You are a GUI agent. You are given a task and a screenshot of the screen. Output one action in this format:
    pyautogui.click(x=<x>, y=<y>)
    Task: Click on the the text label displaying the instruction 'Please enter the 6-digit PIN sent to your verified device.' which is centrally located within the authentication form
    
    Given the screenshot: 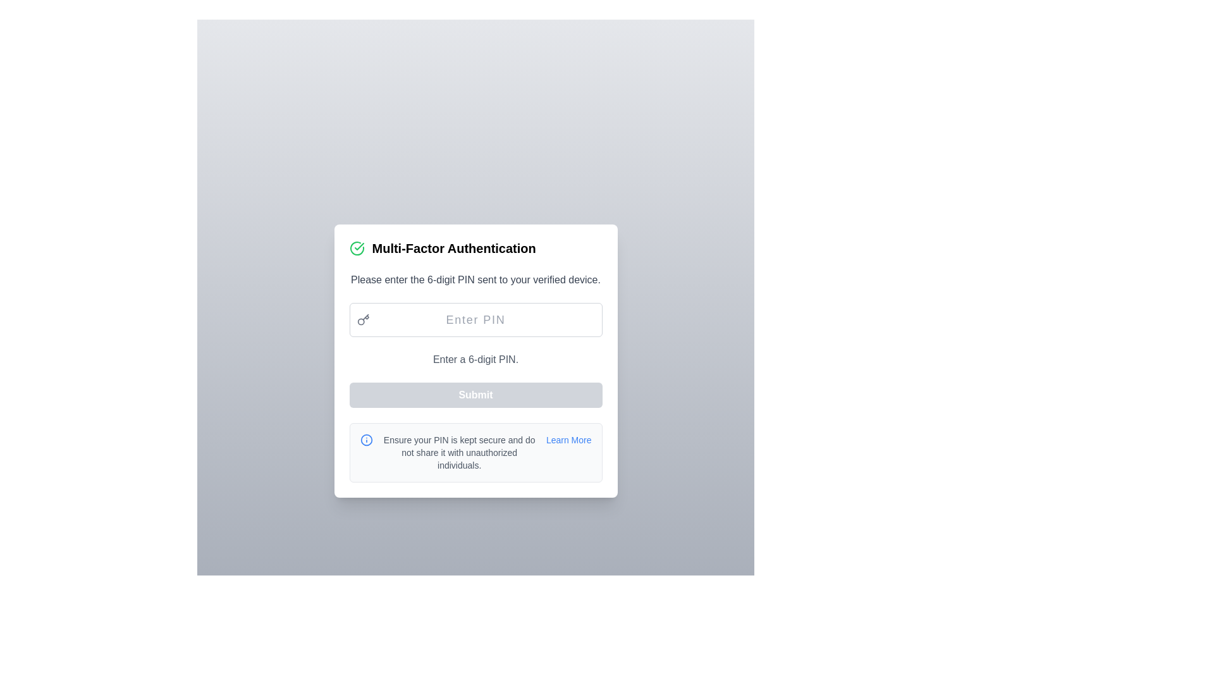 What is the action you would take?
    pyautogui.click(x=475, y=280)
    